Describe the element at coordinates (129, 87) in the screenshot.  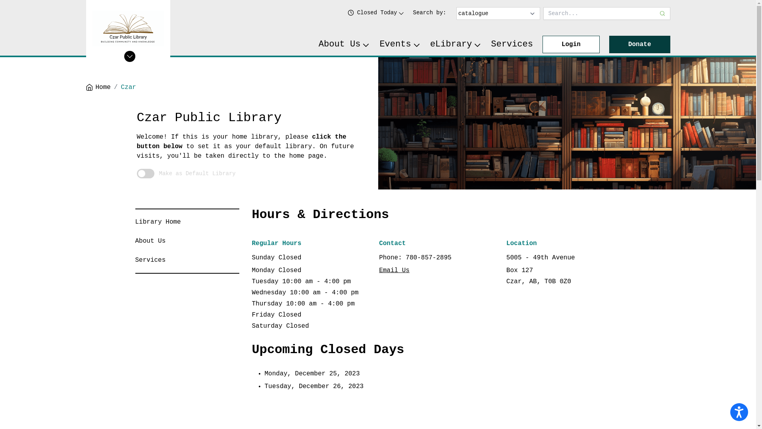
I see `'Czar'` at that location.